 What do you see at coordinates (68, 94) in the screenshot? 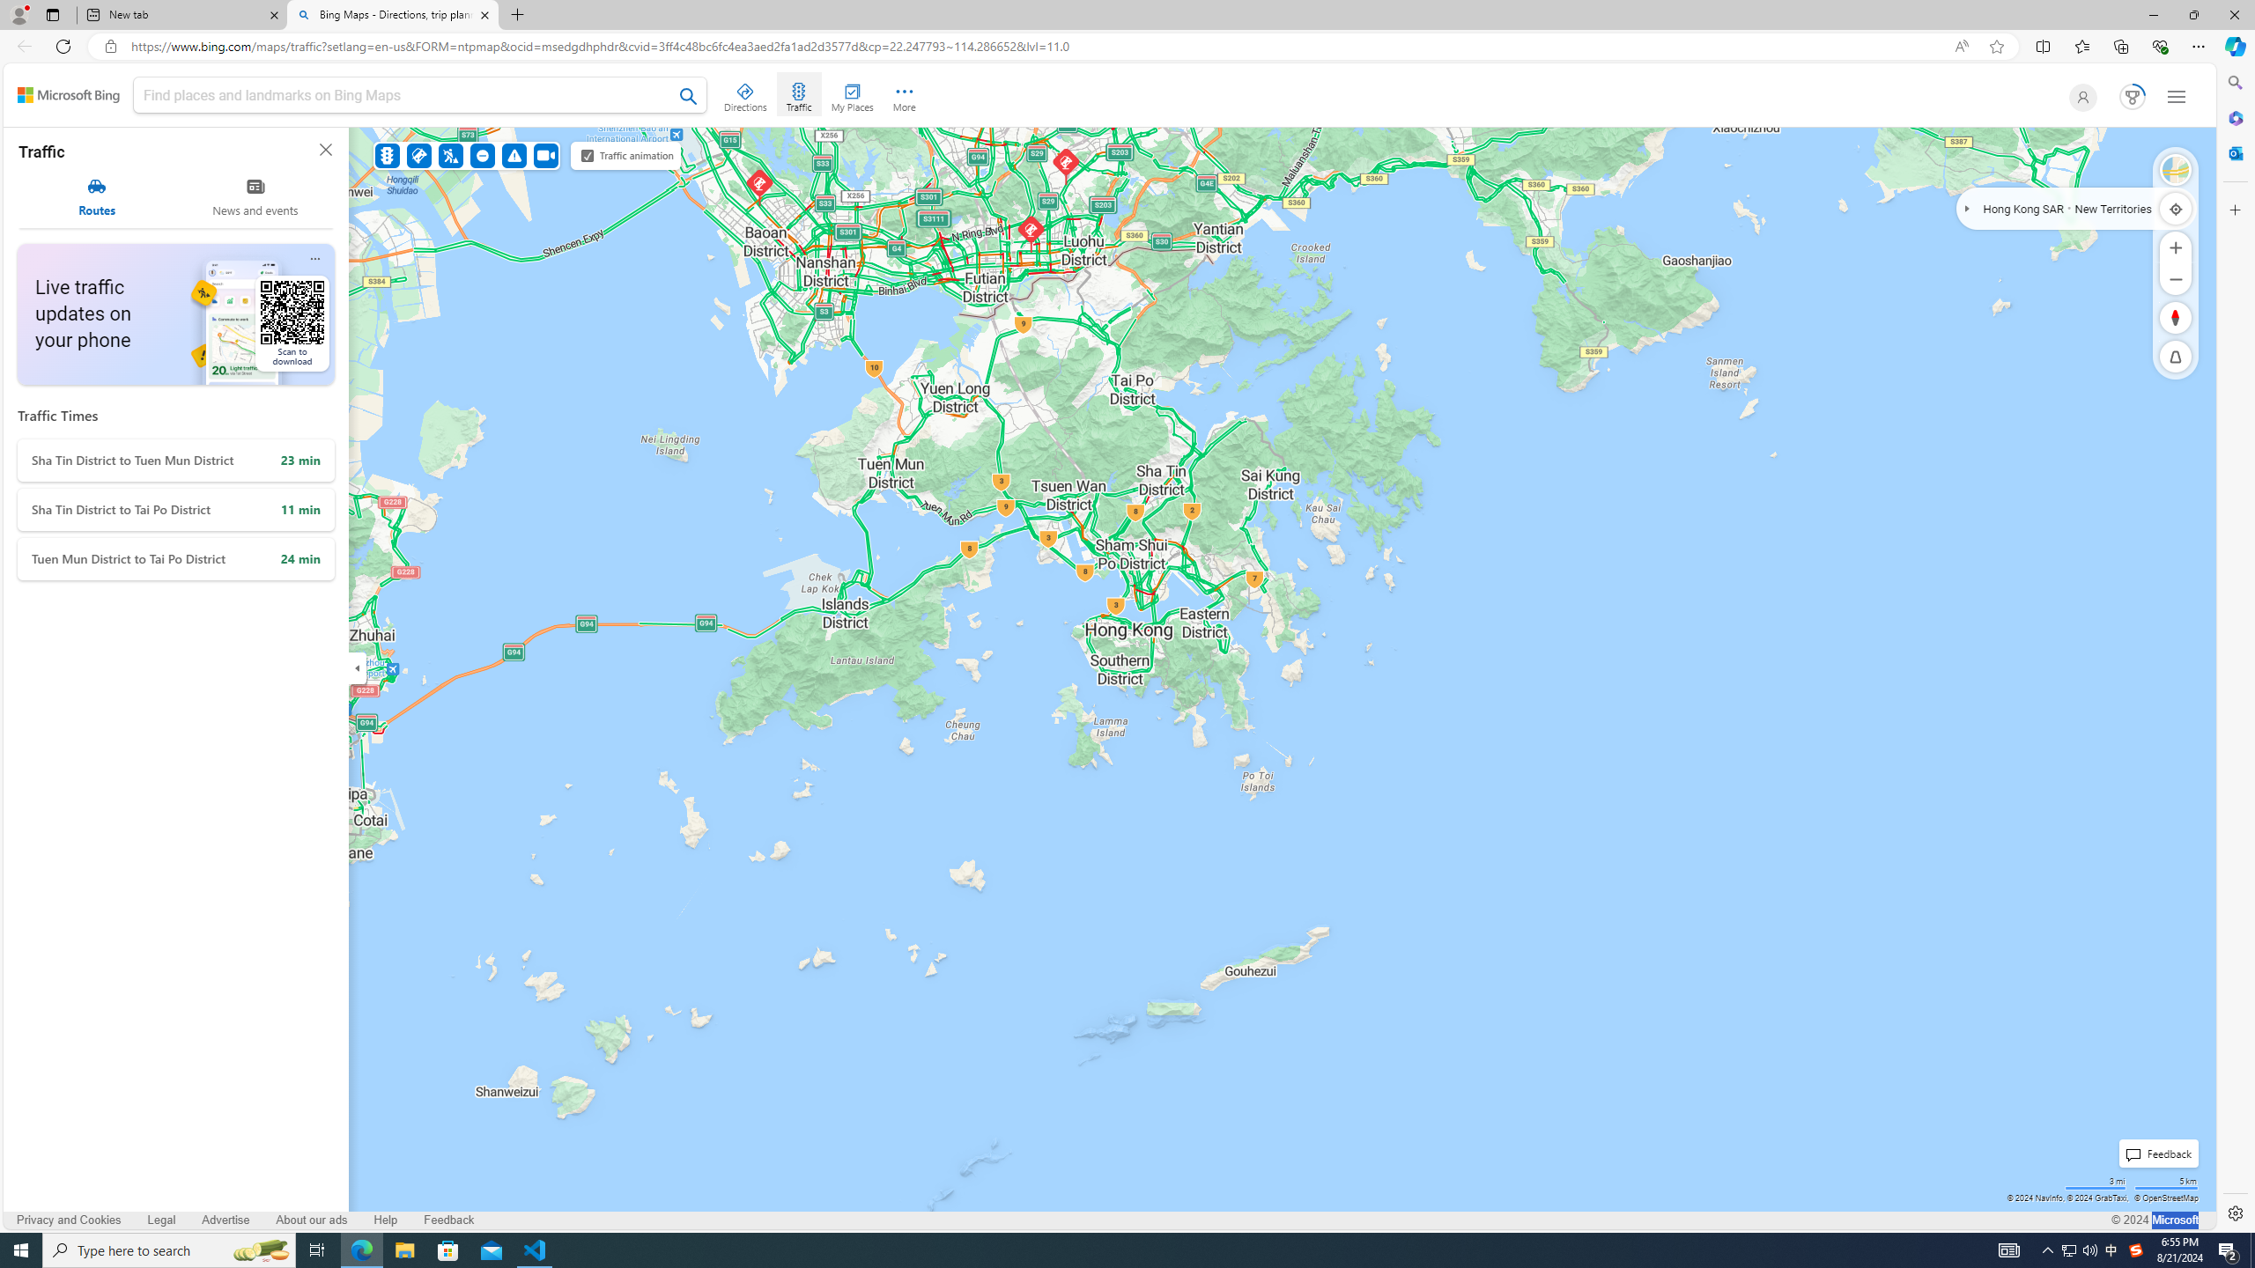
I see `'Back to Bing search'` at bounding box center [68, 94].